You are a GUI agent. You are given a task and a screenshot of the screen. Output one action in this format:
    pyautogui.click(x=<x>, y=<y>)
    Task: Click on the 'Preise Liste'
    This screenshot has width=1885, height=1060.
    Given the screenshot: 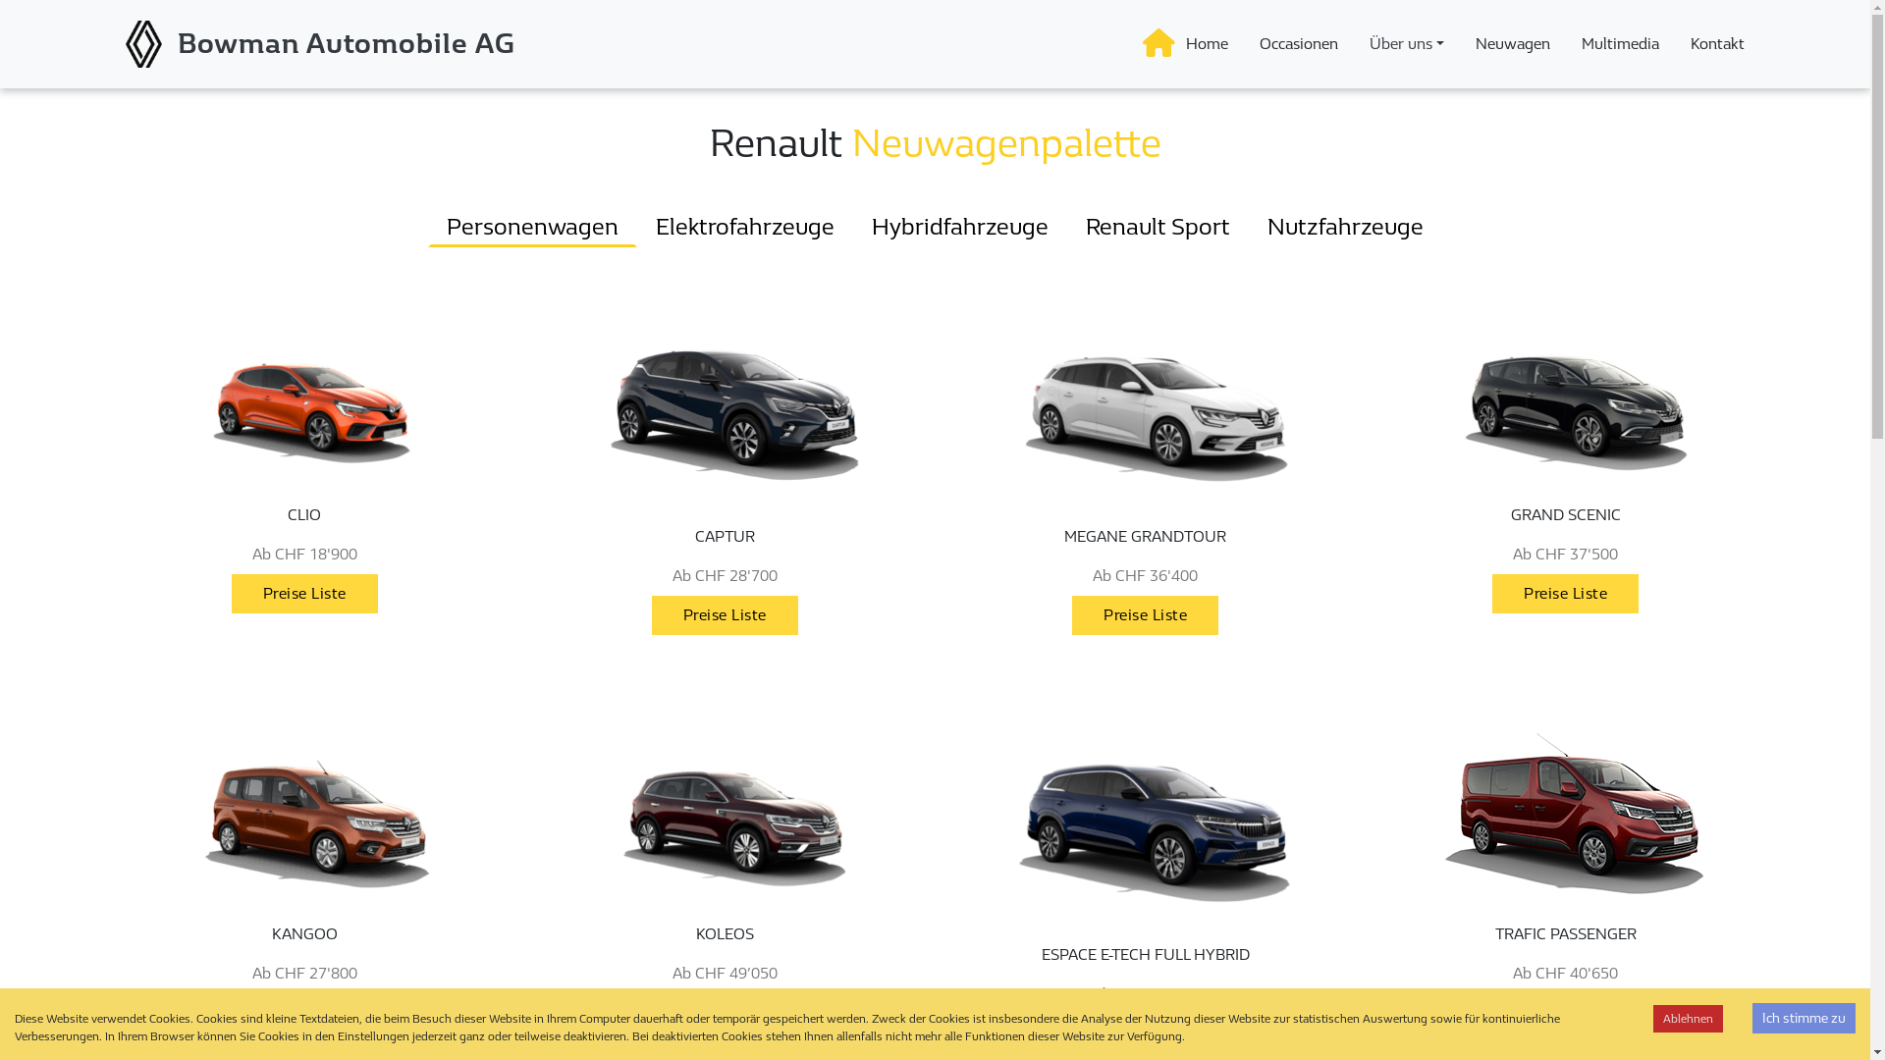 What is the action you would take?
    pyautogui.click(x=303, y=1012)
    